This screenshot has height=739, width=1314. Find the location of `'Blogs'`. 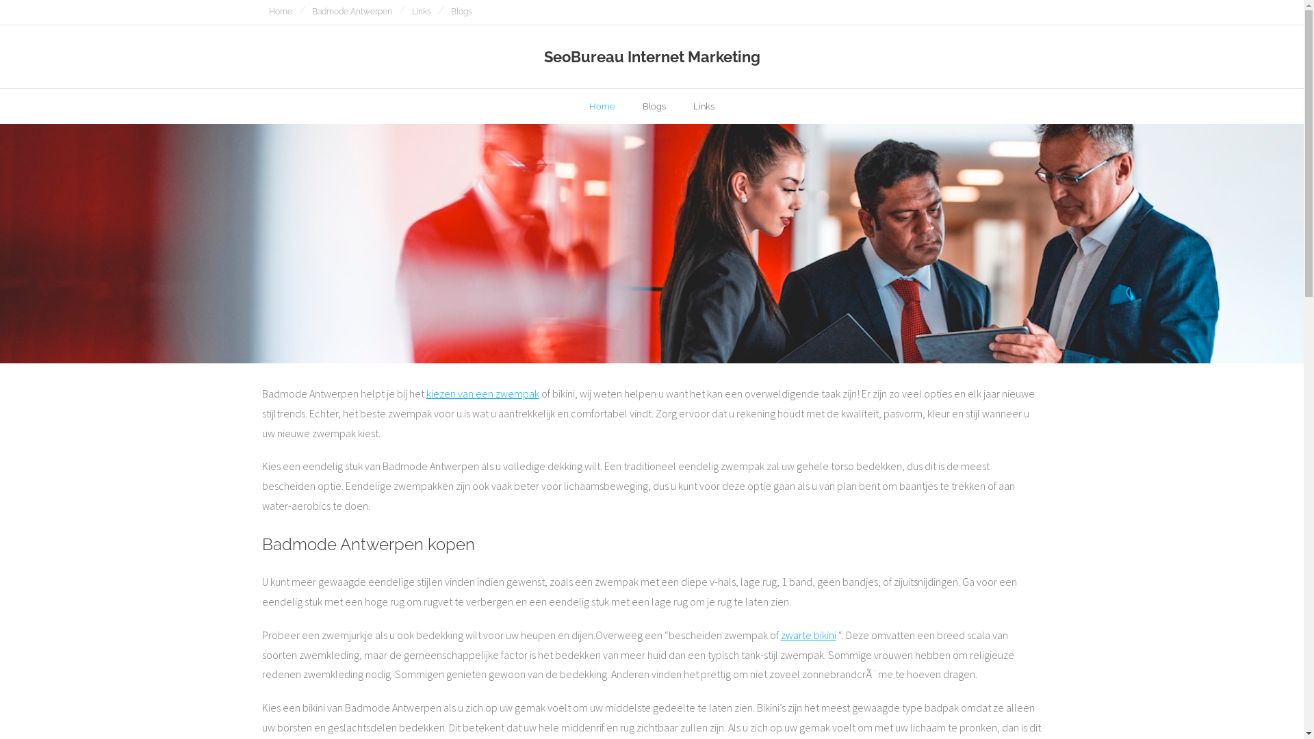

'Blogs' is located at coordinates (653, 105).